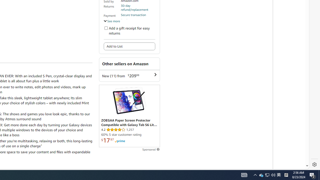 The width and height of the screenshot is (320, 180). Describe the element at coordinates (133, 14) in the screenshot. I see `'Secure transaction'` at that location.